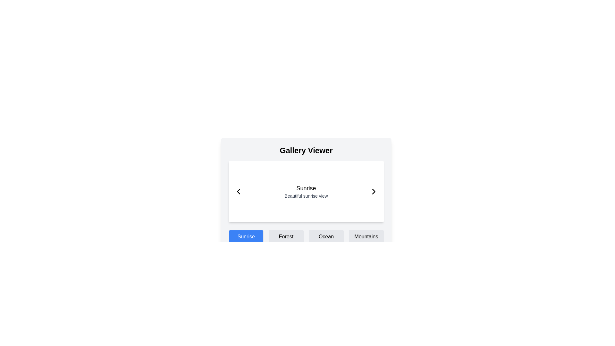 The image size is (615, 346). What do you see at coordinates (246, 237) in the screenshot?
I see `the first button in the horizontal group of four buttons at the bottom of the interface` at bounding box center [246, 237].